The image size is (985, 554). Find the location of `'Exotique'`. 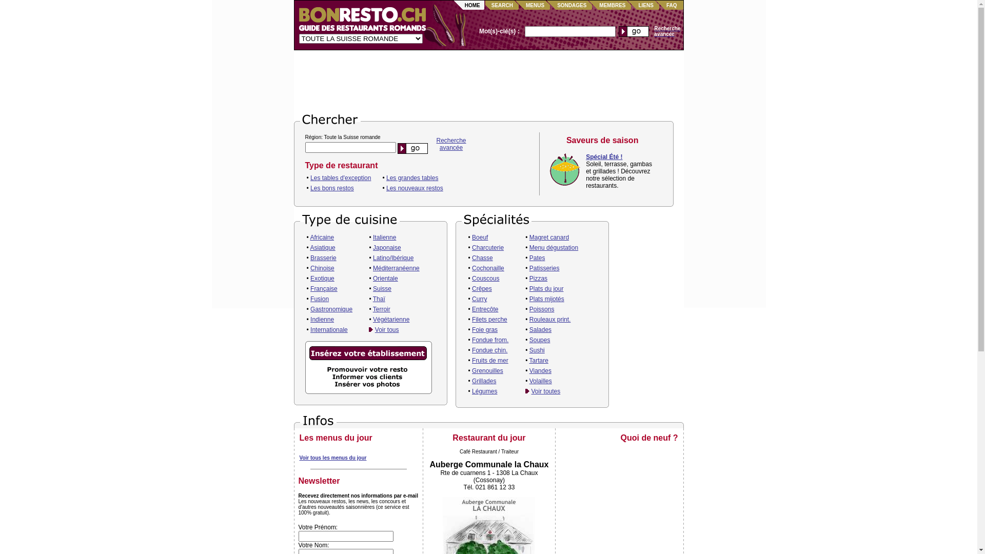

'Exotique' is located at coordinates (322, 279).